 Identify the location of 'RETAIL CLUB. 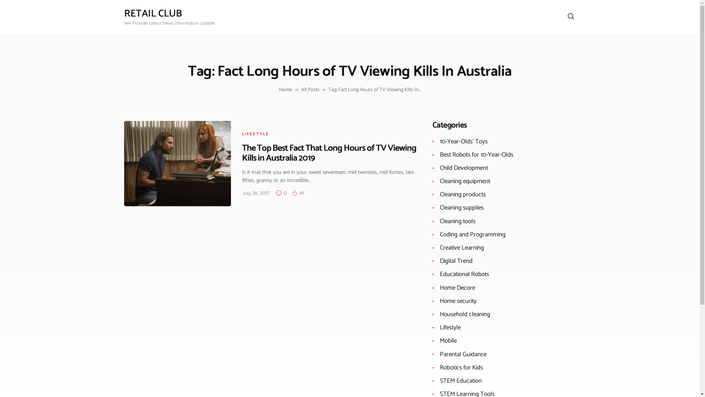
(124, 17).